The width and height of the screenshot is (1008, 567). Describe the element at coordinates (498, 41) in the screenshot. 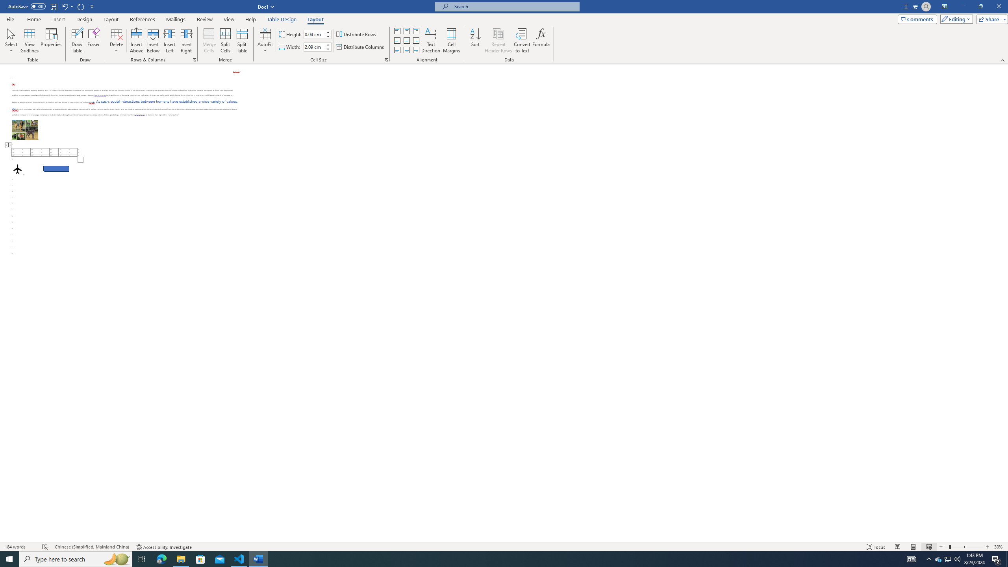

I see `'Repeat Header Rows'` at that location.